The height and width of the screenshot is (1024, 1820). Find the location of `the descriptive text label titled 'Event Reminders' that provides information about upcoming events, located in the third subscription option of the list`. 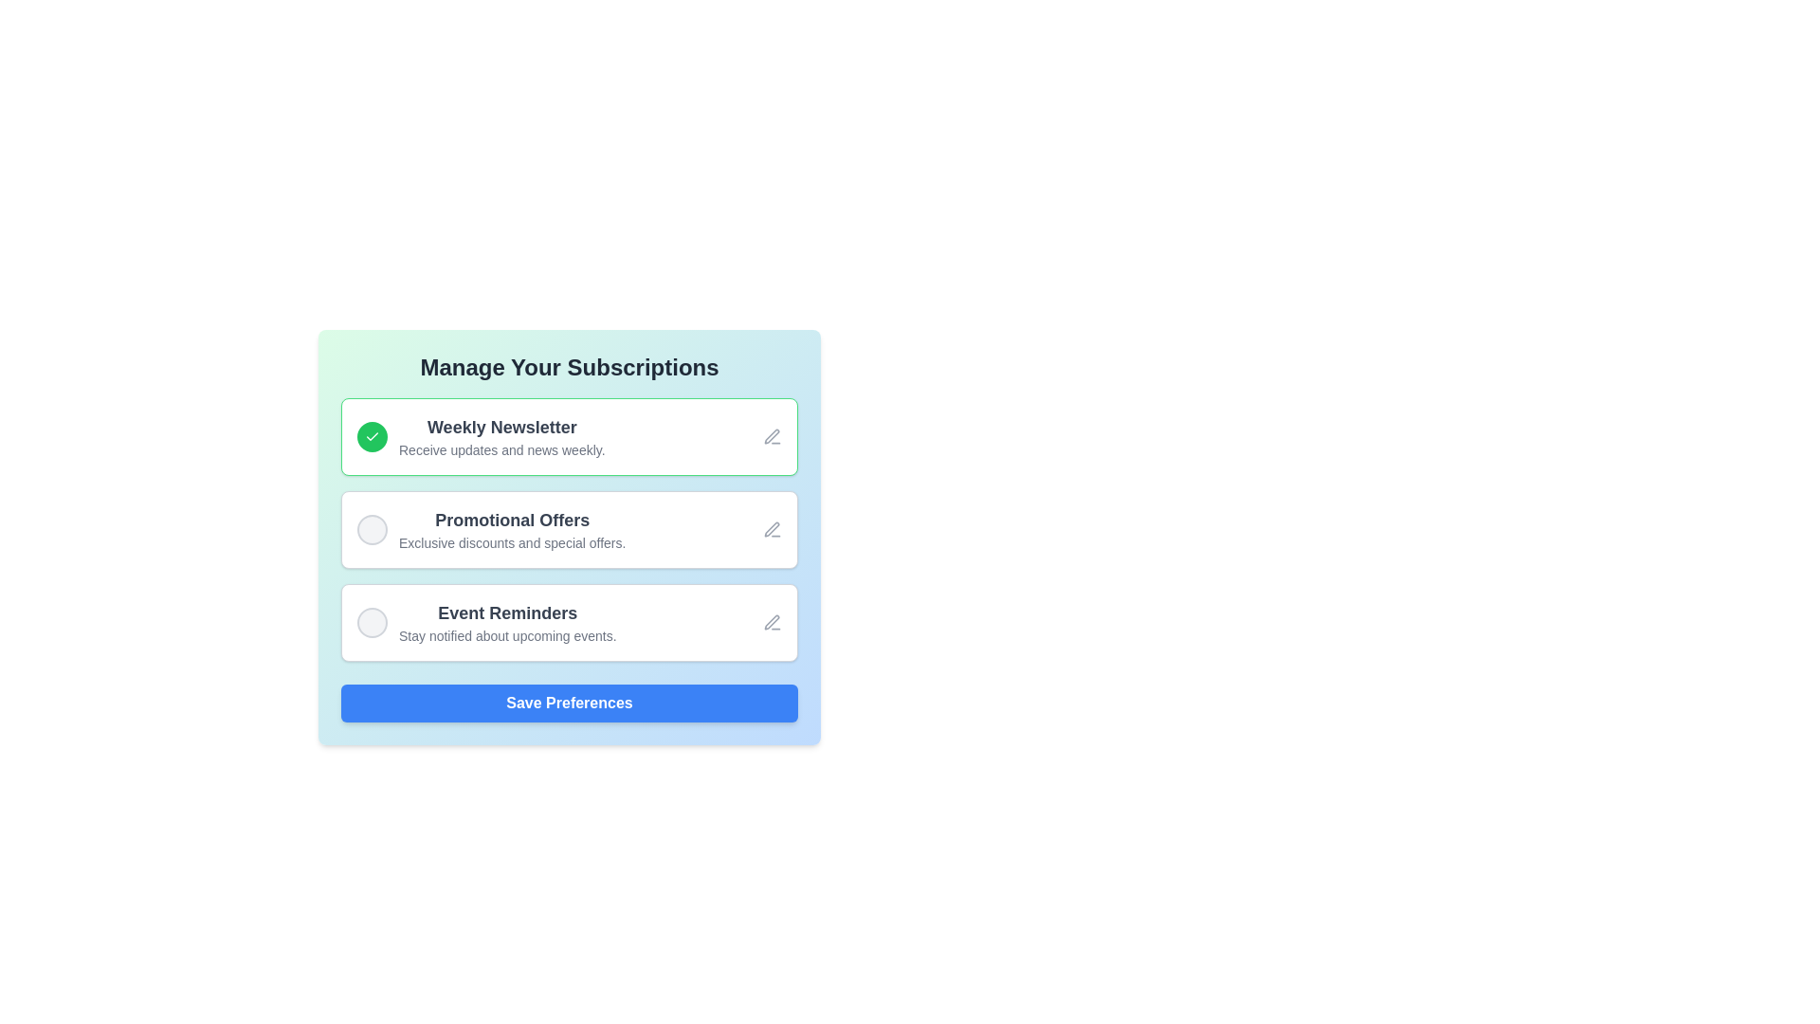

the descriptive text label titled 'Event Reminders' that provides information about upcoming events, located in the third subscription option of the list is located at coordinates (507, 622).